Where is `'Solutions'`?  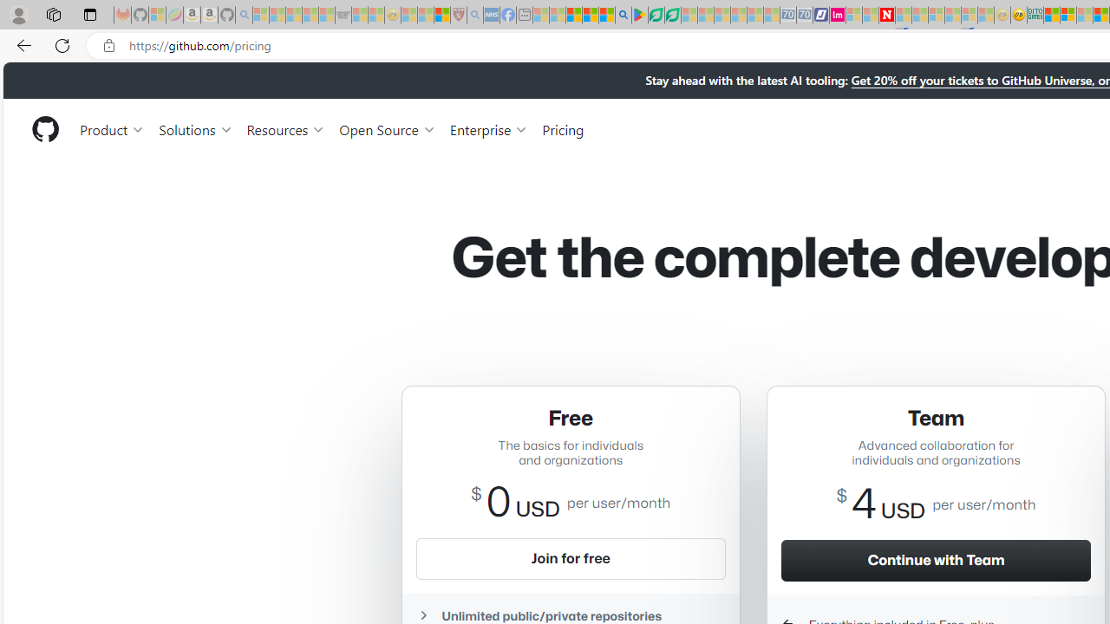
'Solutions' is located at coordinates (195, 128).